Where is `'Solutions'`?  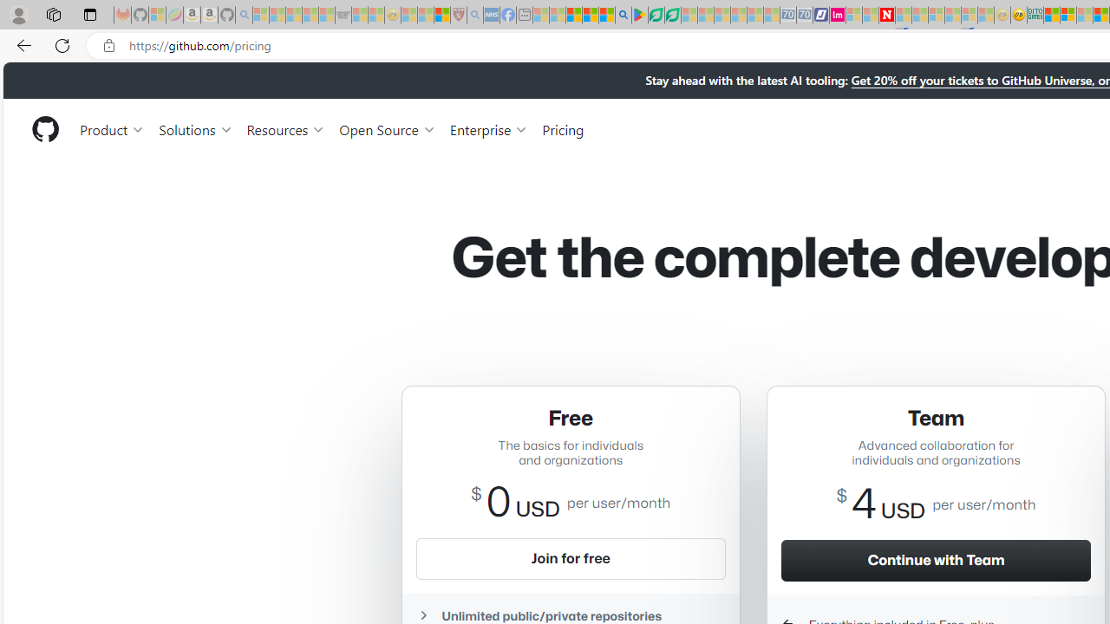
'Solutions' is located at coordinates (195, 128).